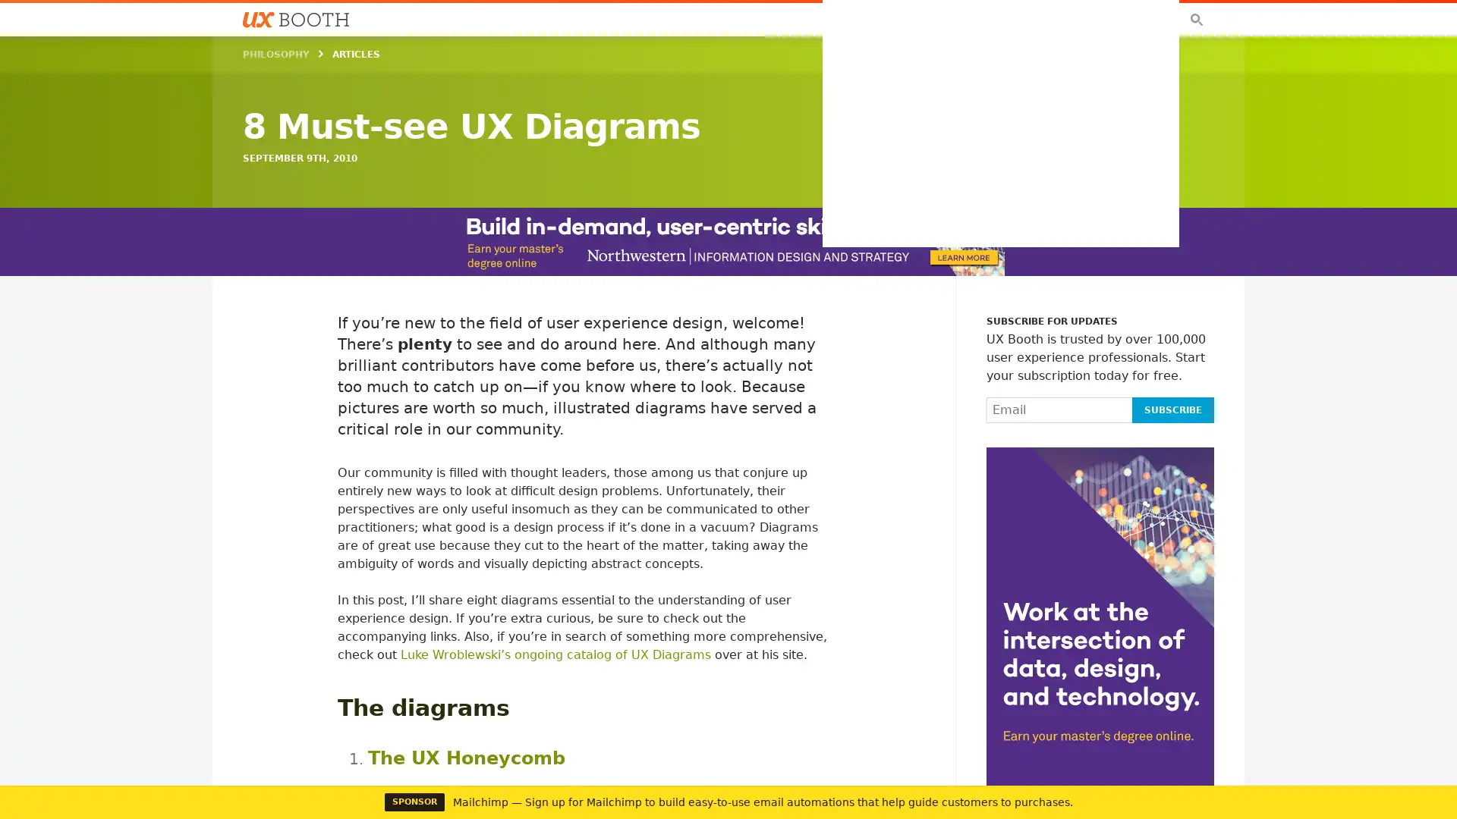  What do you see at coordinates (1172, 409) in the screenshot?
I see `SUBSCRIBE` at bounding box center [1172, 409].